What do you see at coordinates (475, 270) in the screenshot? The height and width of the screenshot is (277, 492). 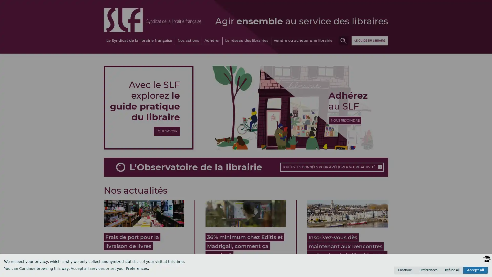 I see `Accept all` at bounding box center [475, 270].